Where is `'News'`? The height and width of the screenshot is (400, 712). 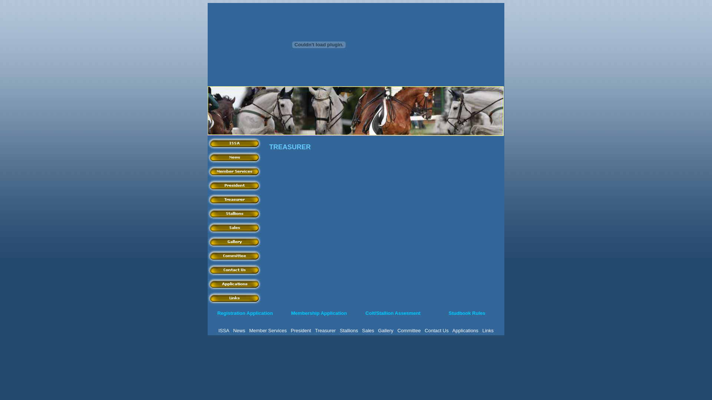
'News' is located at coordinates (234, 157).